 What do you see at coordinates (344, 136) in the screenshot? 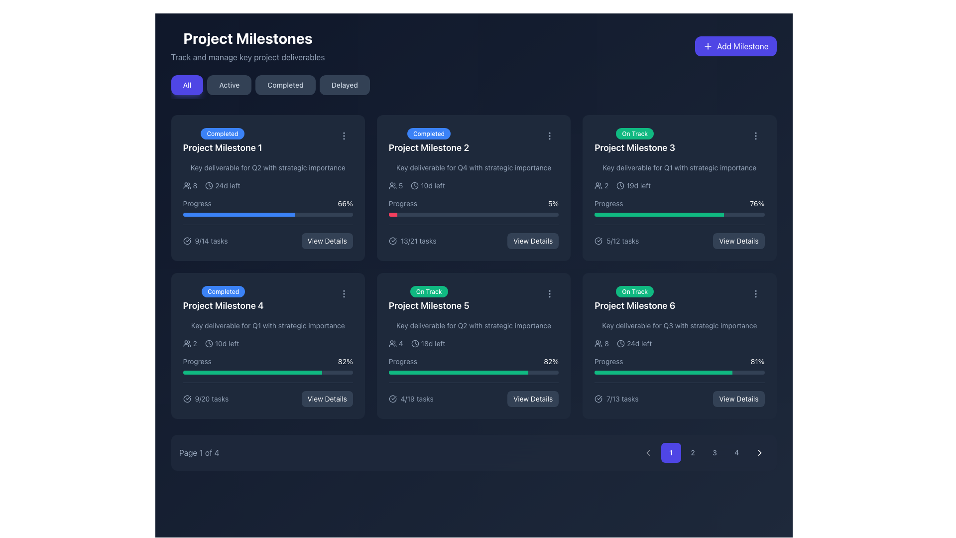
I see `the ellipsis icon button located in the top-right corner of the 'Project Milestone 1' card` at bounding box center [344, 136].